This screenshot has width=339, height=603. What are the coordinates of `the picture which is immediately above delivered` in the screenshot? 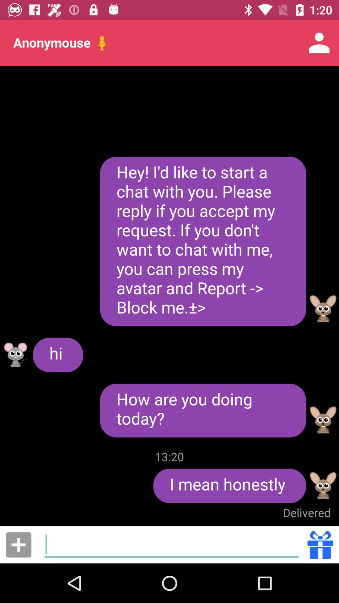 It's located at (323, 485).